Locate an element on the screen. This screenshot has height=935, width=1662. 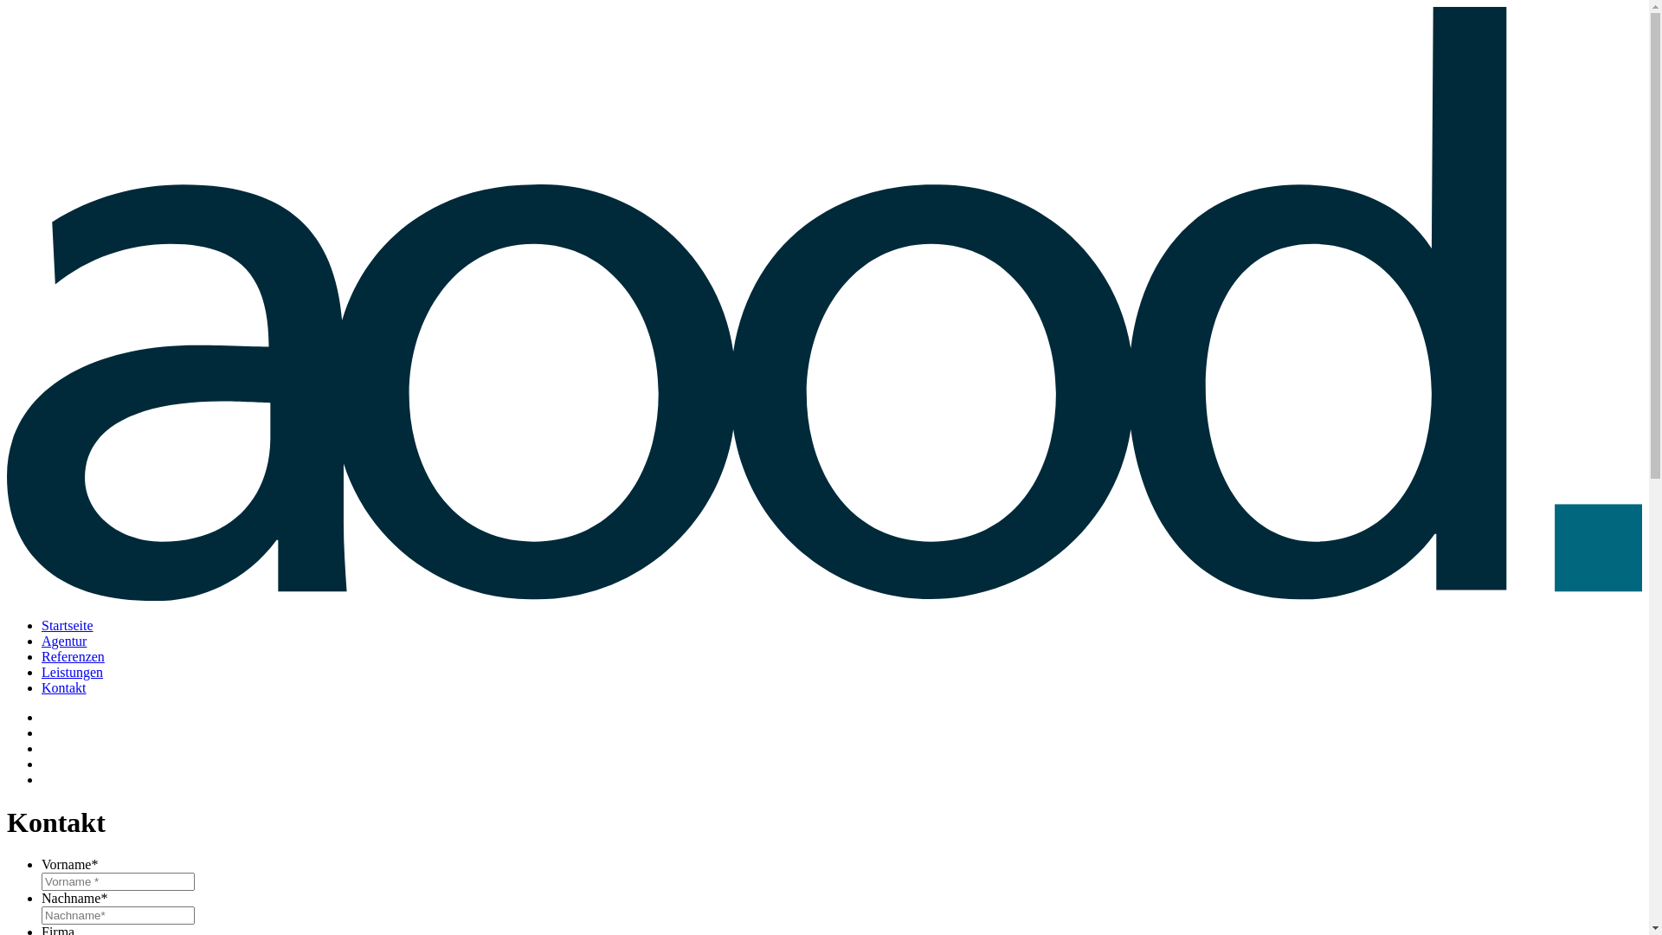
'Kontakt' is located at coordinates (63, 687).